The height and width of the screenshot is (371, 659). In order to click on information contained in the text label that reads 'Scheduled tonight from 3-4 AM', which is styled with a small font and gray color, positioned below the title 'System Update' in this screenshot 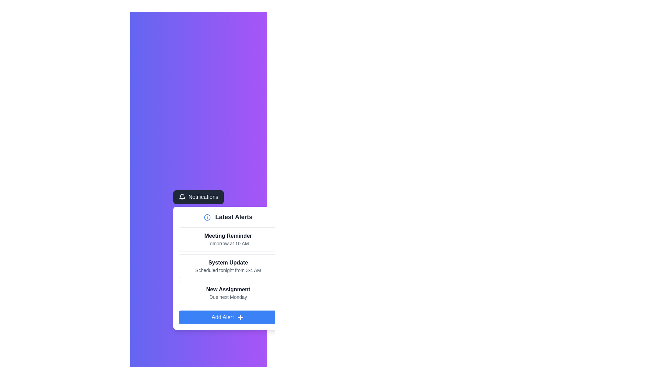, I will do `click(228, 270)`.